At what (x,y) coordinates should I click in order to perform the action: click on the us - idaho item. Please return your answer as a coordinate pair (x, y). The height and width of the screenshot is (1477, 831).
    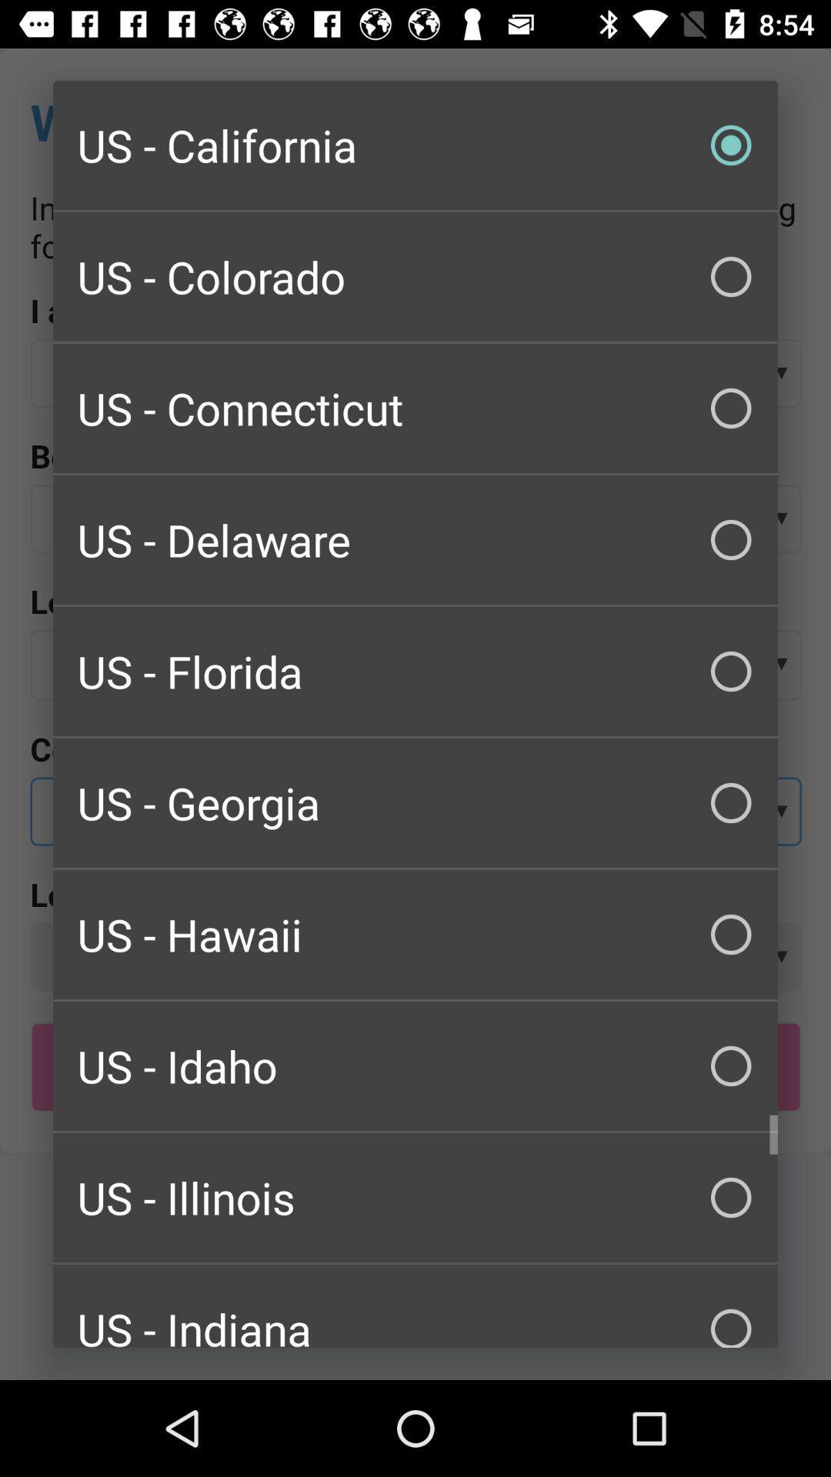
    Looking at the image, I should click on (415, 1065).